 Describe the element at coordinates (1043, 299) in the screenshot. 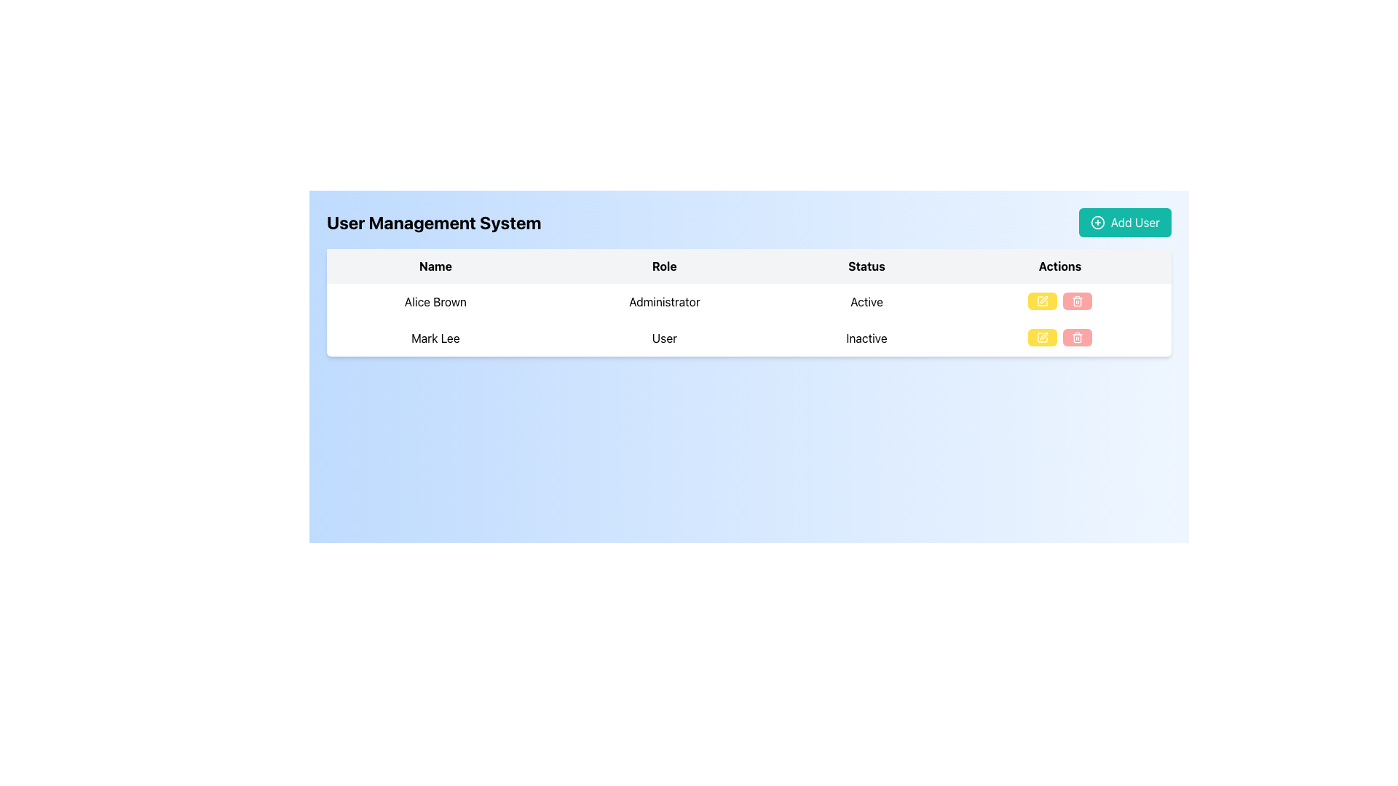

I see `the pen icon in the 'Actions' column next to the 'Inactive' status entry` at that location.